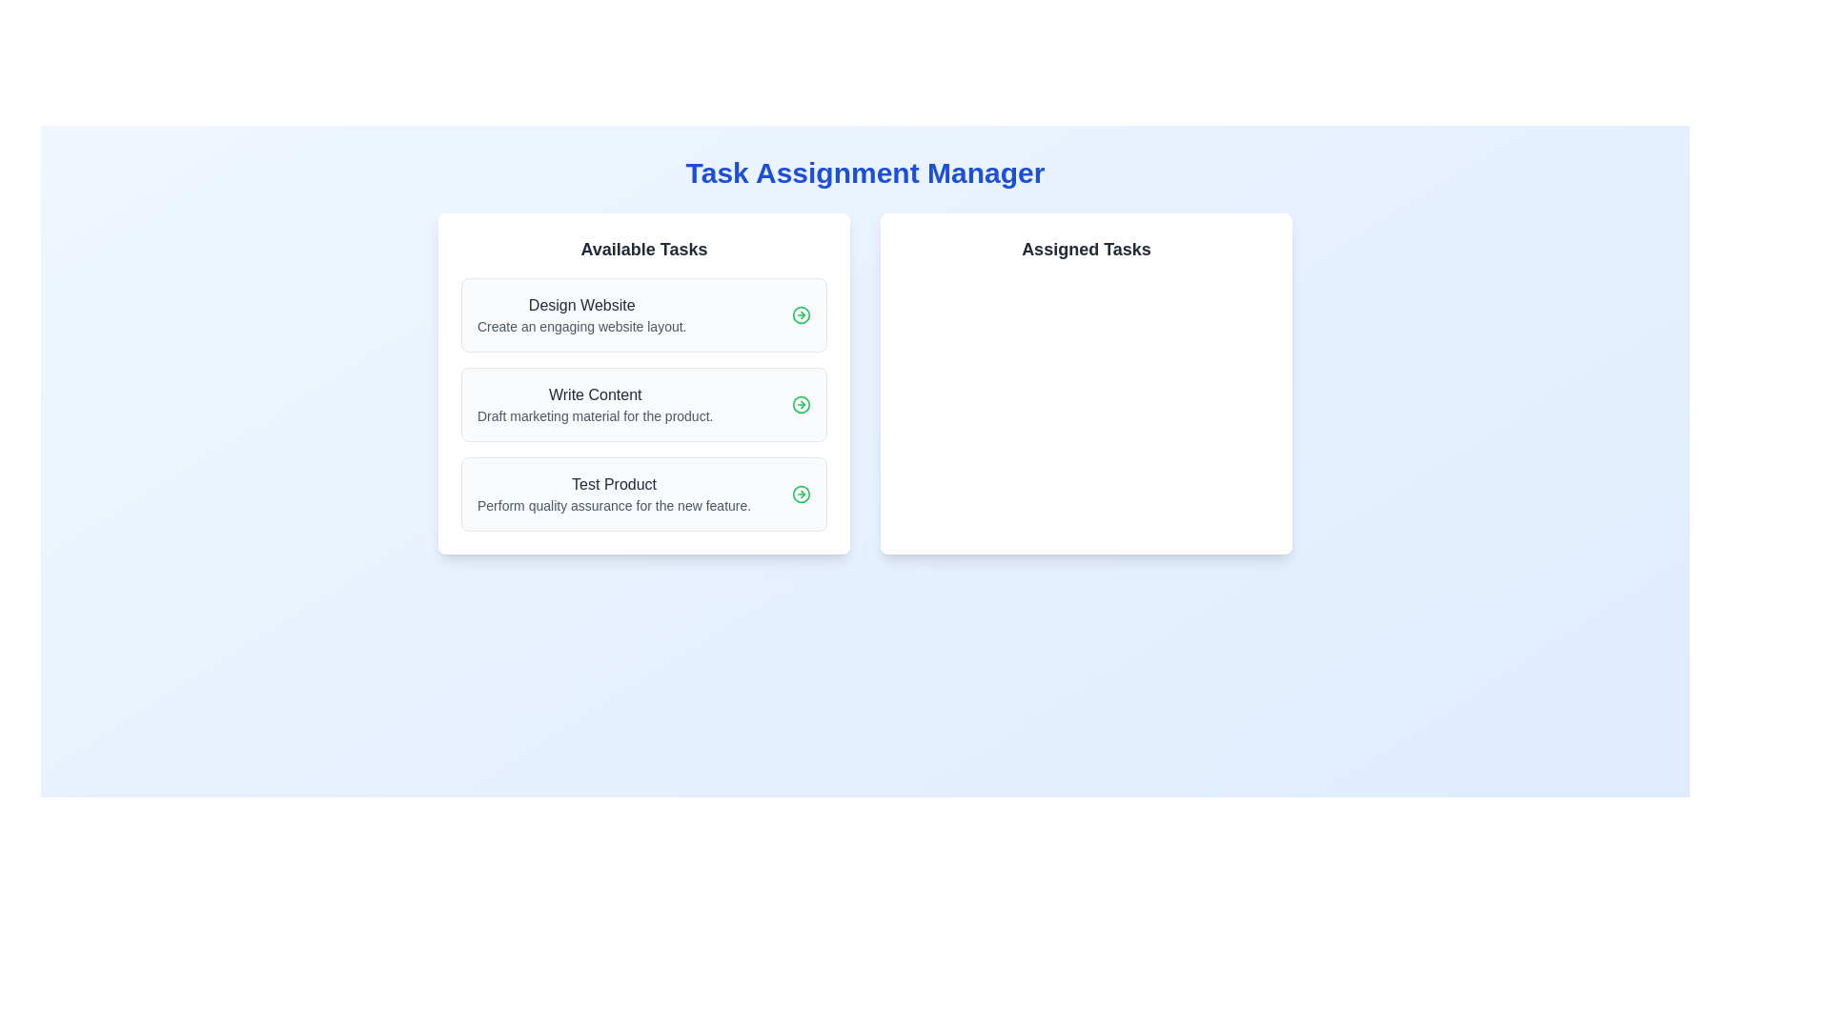  What do you see at coordinates (864, 172) in the screenshot?
I see `the large, bold heading text label 'Task Assignment Manager', which is prominently centered at the top of the interface` at bounding box center [864, 172].